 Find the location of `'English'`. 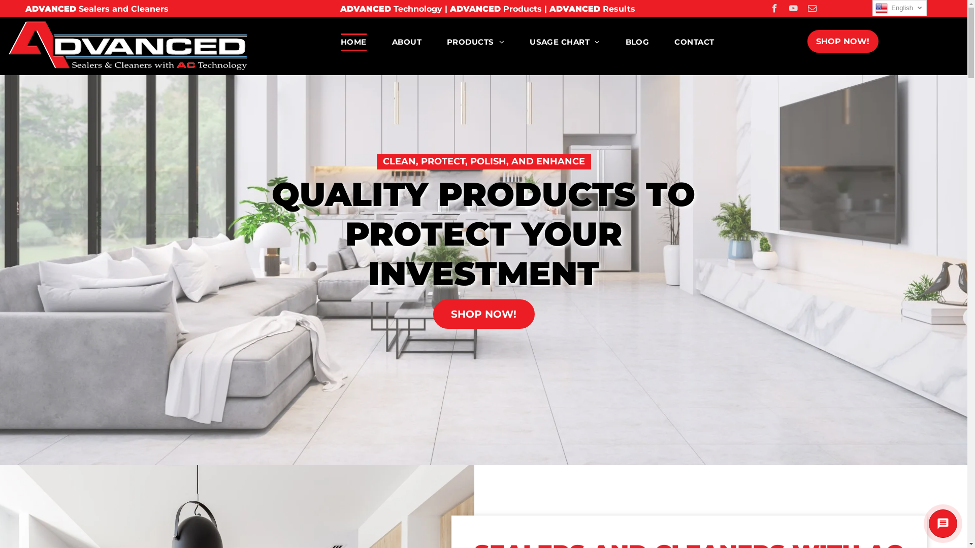

'English' is located at coordinates (872, 8).